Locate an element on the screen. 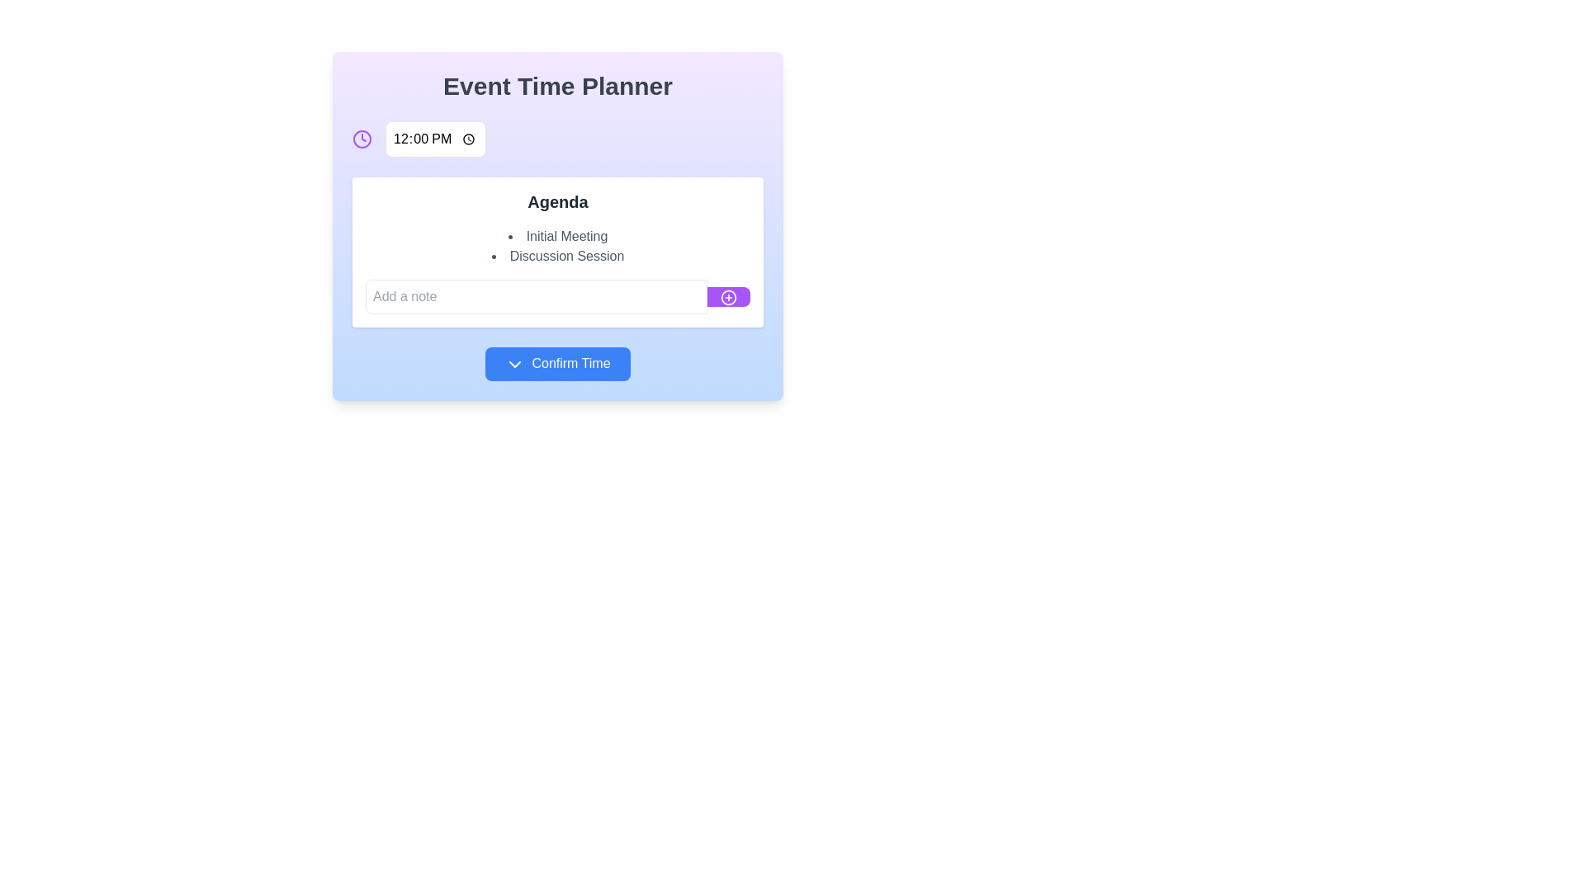 Image resolution: width=1585 pixels, height=891 pixels. the Time input field located at the top left of the card is located at coordinates (435, 139).